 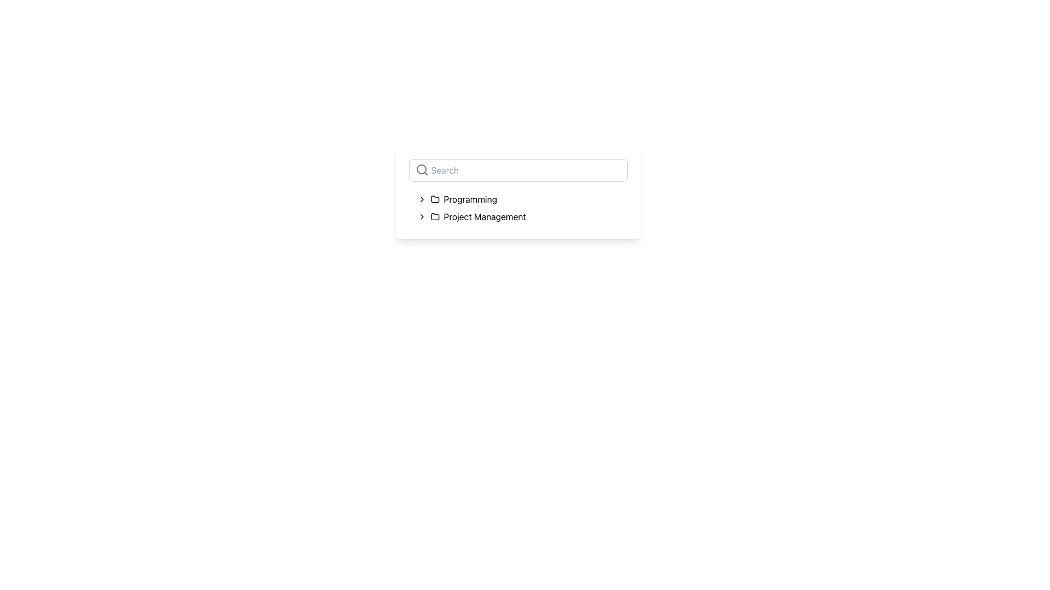 What do you see at coordinates (470, 199) in the screenshot?
I see `the 'Programming' text label in the collapsible menu` at bounding box center [470, 199].